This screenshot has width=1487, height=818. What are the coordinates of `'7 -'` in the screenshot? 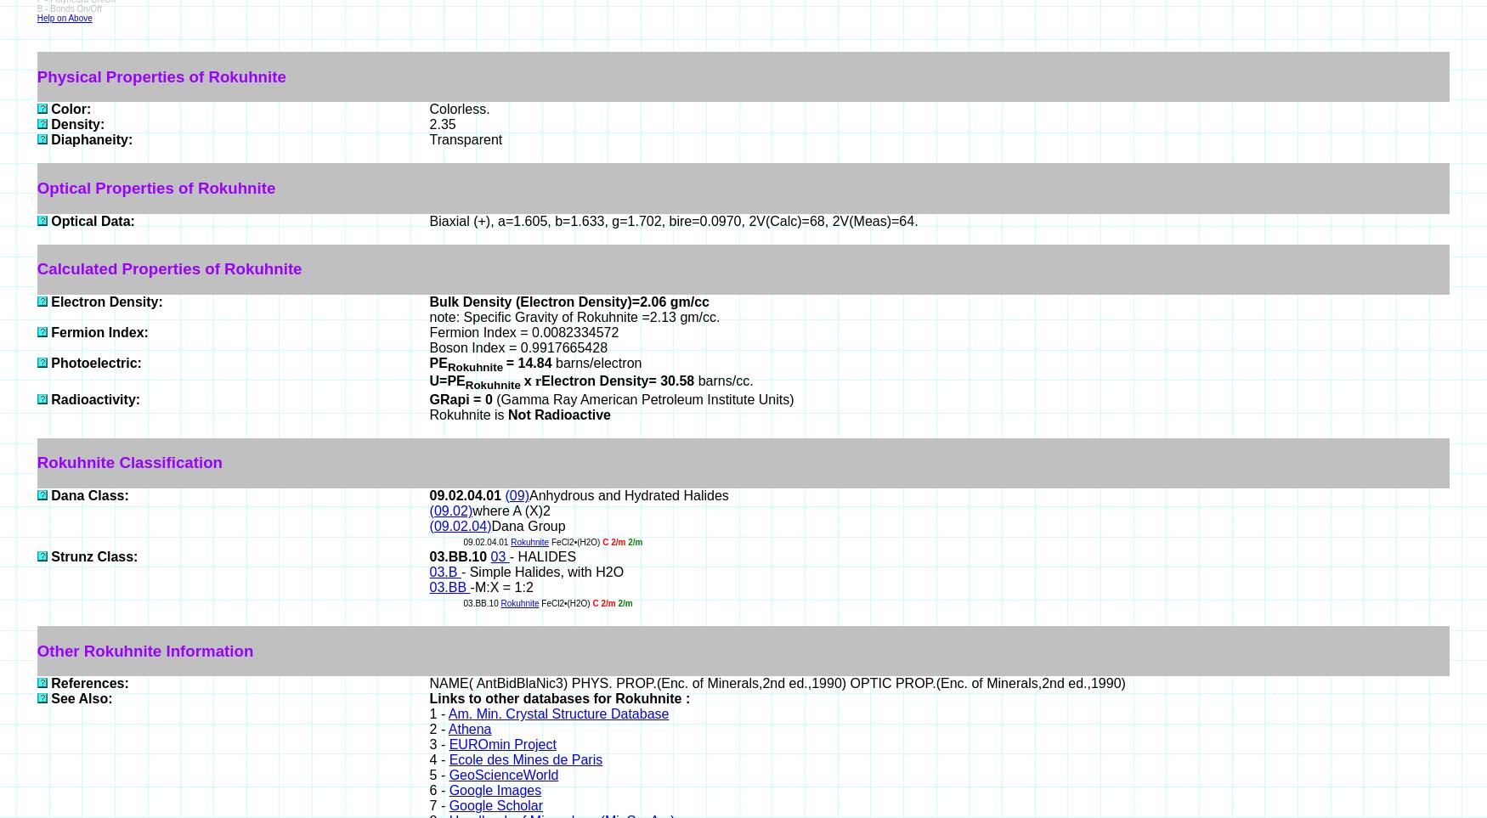 It's located at (438, 805).